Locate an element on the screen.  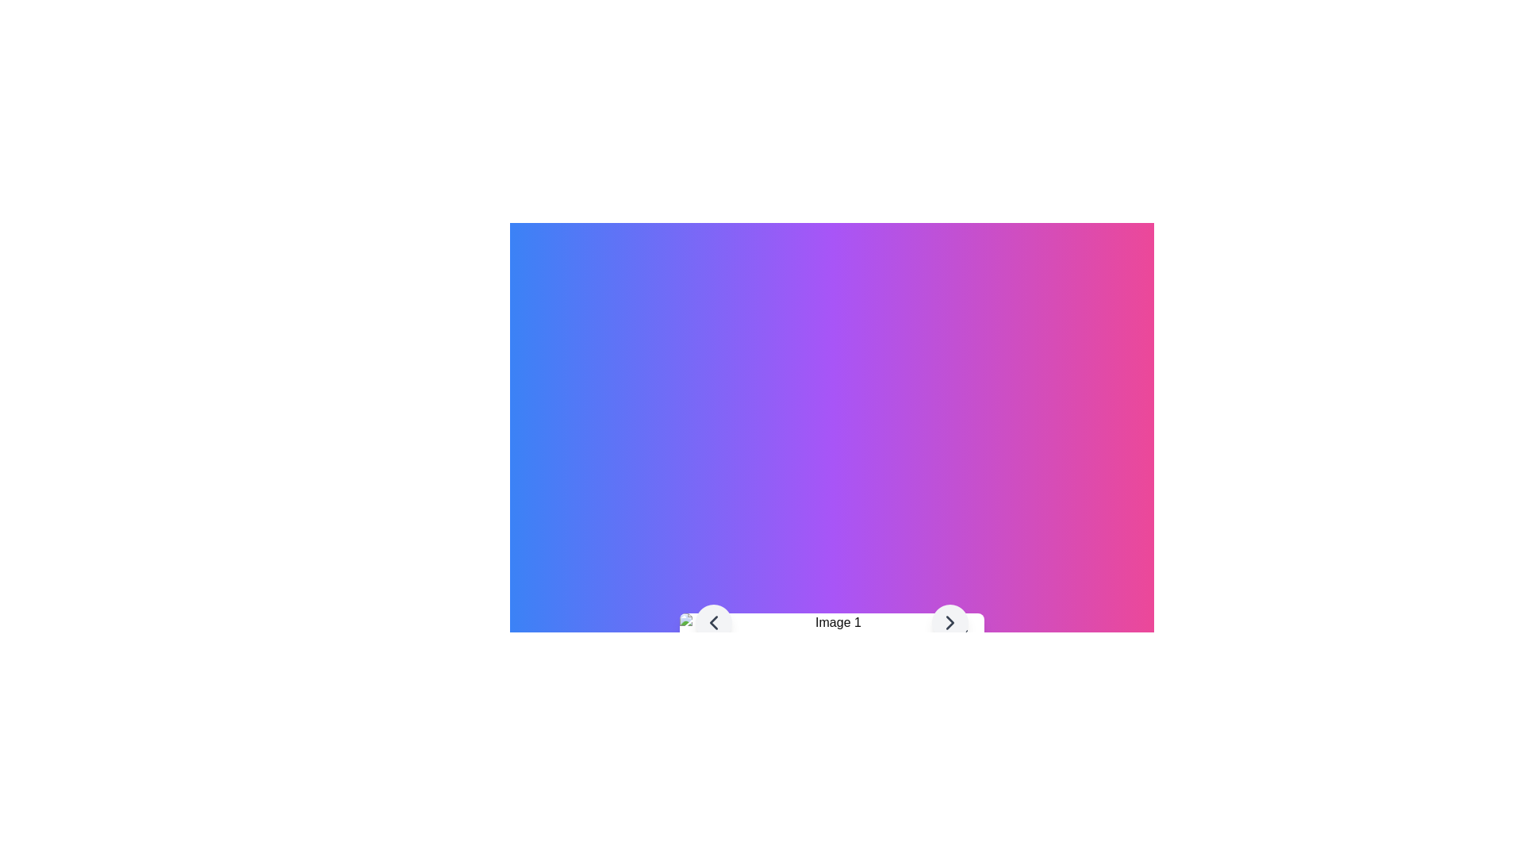
the rightward-pointing chevron navigation icon within its circular button to trigger a tooltip or visual feedback is located at coordinates (950, 622).